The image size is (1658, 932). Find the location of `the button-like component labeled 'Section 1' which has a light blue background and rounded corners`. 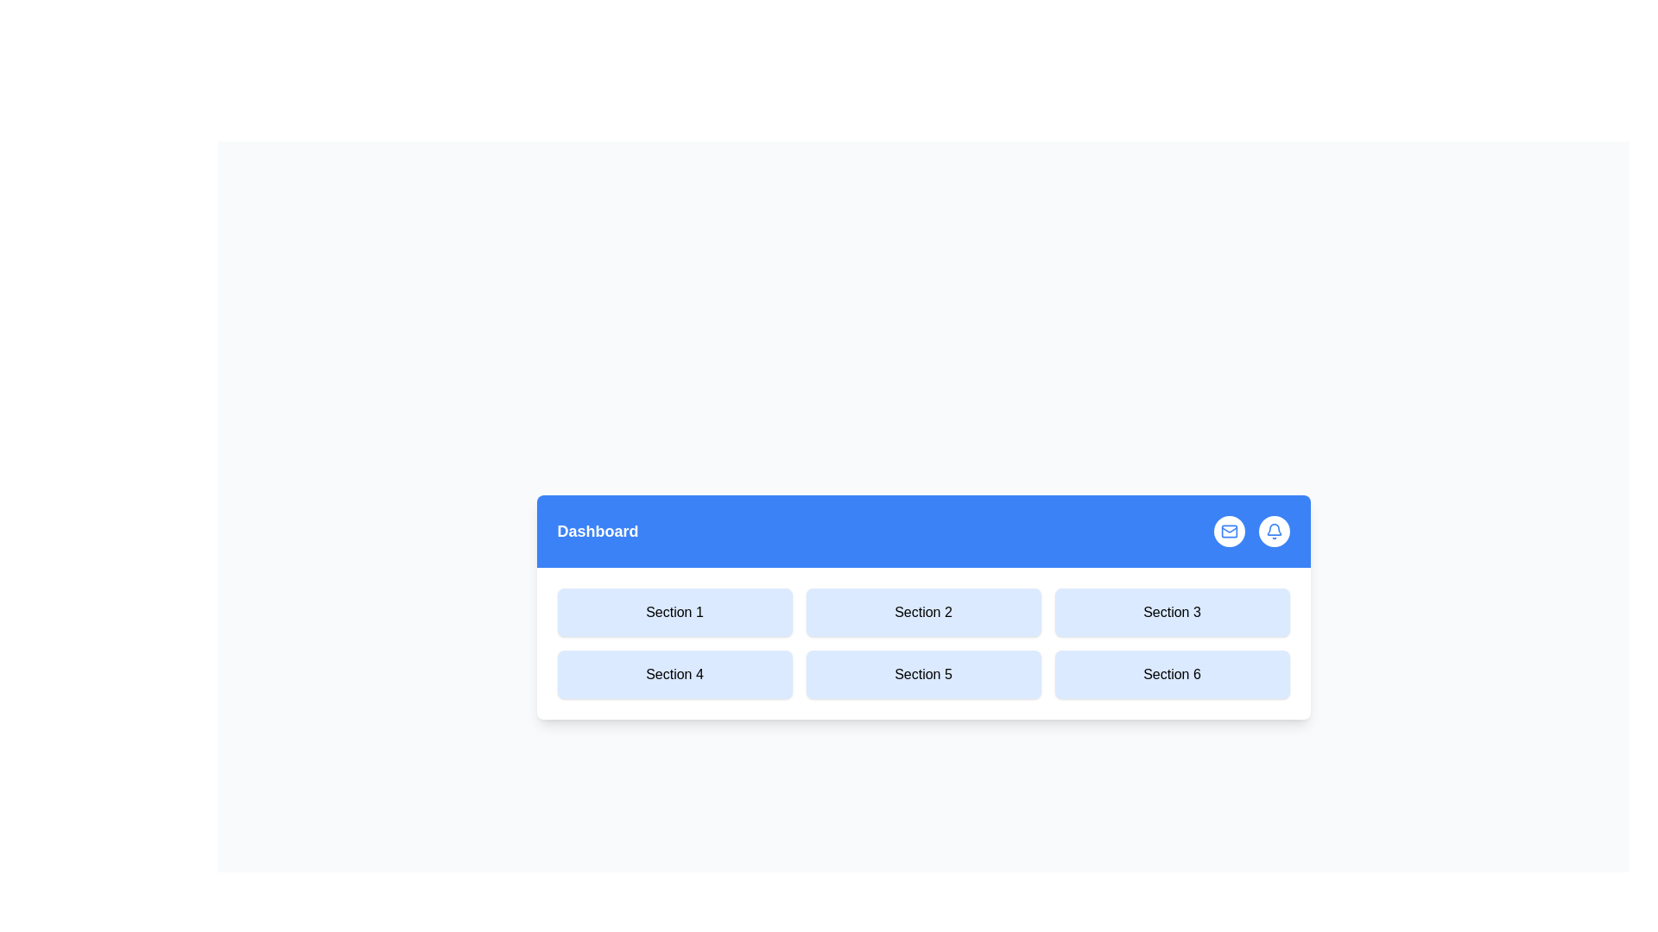

the button-like component labeled 'Section 1' which has a light blue background and rounded corners is located at coordinates (674, 611).